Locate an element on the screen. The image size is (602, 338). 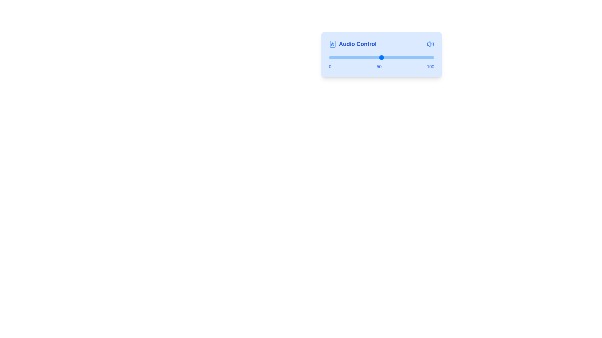
the volume is located at coordinates (381, 58).